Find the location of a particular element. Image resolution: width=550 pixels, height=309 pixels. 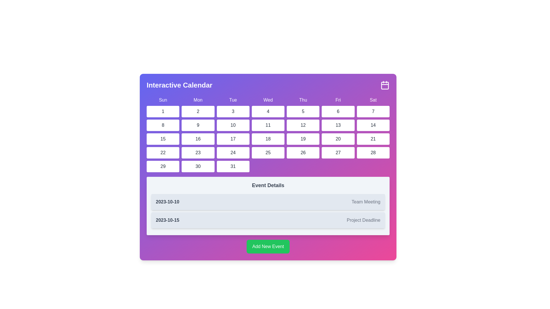

the text label indicating the date associated with the event, located in the 'Event Details' section to the left of the 'Project Deadline' description is located at coordinates (167, 220).